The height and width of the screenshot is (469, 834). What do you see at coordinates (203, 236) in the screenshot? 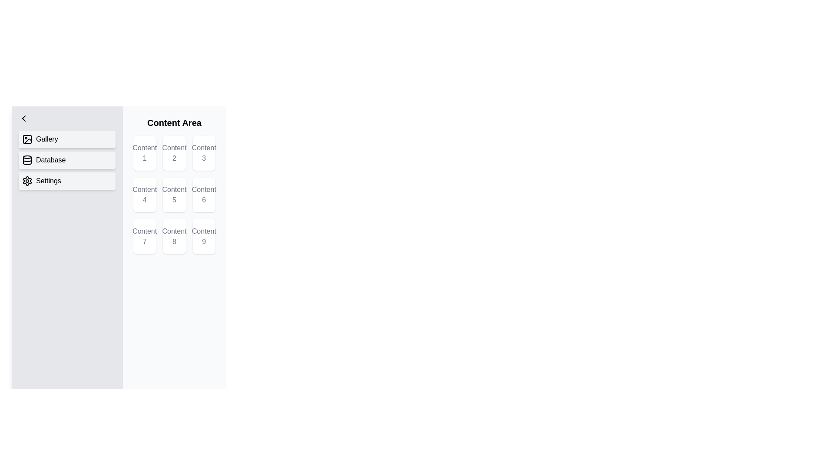
I see `the box-like component with a white background and rounded corners that contains the text 'Content 9' in gray font, located in the bottom-right corner of the 3x3 grid layout within the 'Content Area' section` at bounding box center [203, 236].